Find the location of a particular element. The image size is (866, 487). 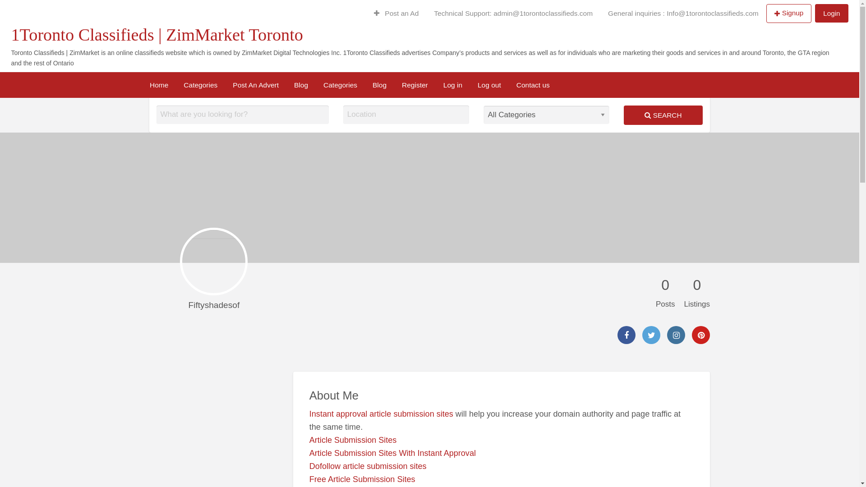

'Post An Advert' is located at coordinates (255, 85).